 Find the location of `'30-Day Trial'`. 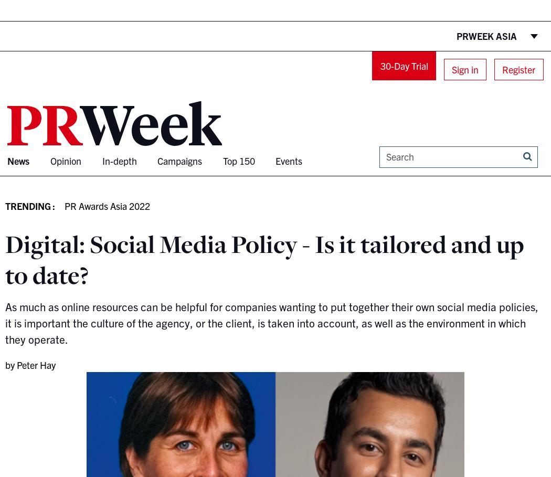

'30-Day Trial' is located at coordinates (404, 65).